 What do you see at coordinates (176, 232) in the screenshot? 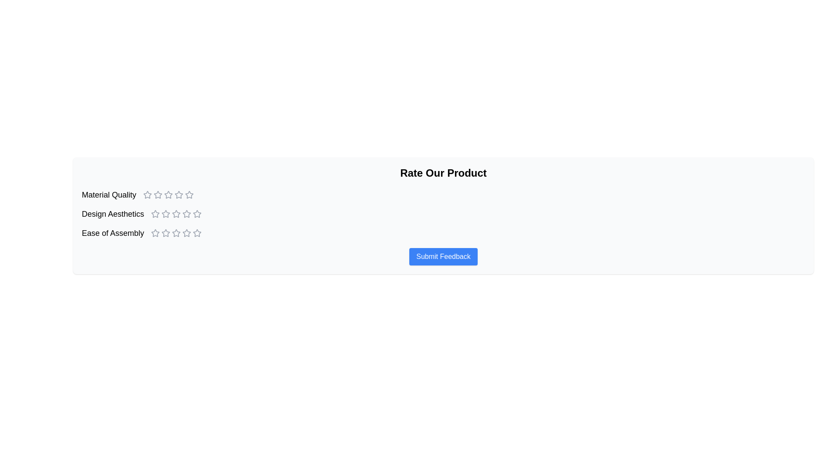
I see `the second star icon in the 'Ease of Assembly' rating row` at bounding box center [176, 232].